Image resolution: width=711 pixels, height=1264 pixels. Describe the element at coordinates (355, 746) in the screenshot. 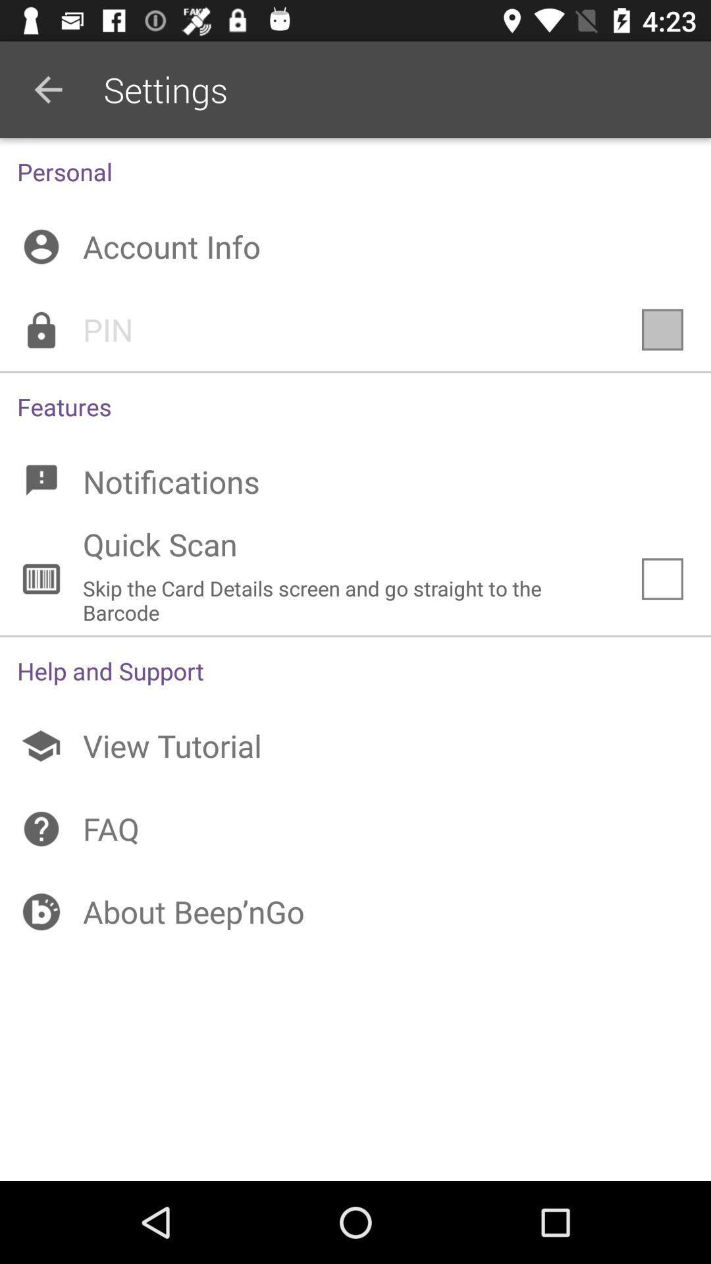

I see `the icon above the faq icon` at that location.